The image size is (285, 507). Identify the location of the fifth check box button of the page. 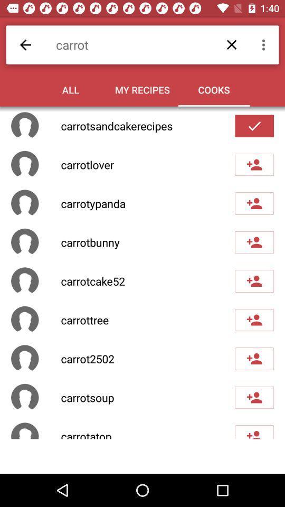
(254, 280).